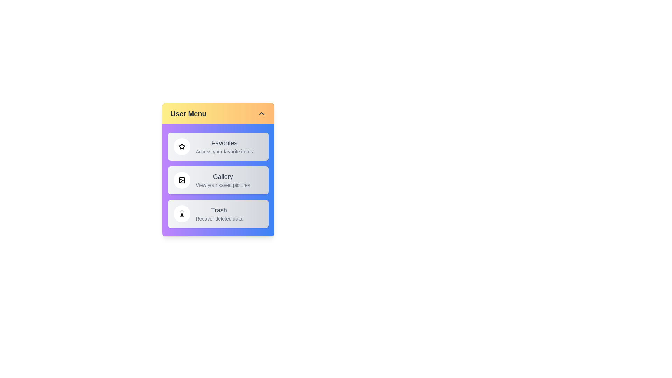 This screenshot has width=672, height=378. What do you see at coordinates (182, 213) in the screenshot?
I see `the icon of the menu item Trash` at bounding box center [182, 213].